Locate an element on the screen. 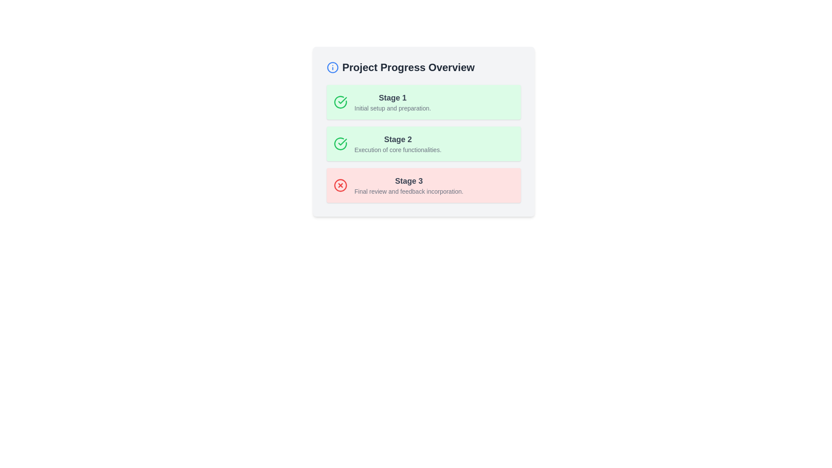 The height and width of the screenshot is (468, 832). the text label providing information about tasks for 'Stage 3' located centrally below the heading in the 'Project Progress Overview' section is located at coordinates (408, 191).